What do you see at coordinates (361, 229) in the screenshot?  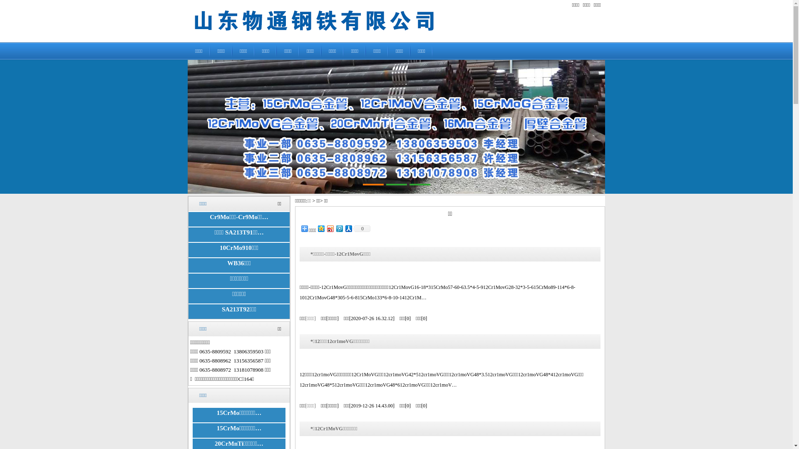 I see `'0'` at bounding box center [361, 229].